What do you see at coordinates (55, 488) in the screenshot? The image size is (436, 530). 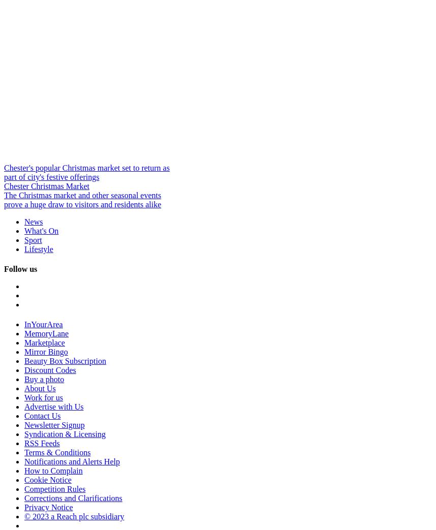 I see `'Competition Rules'` at bounding box center [55, 488].